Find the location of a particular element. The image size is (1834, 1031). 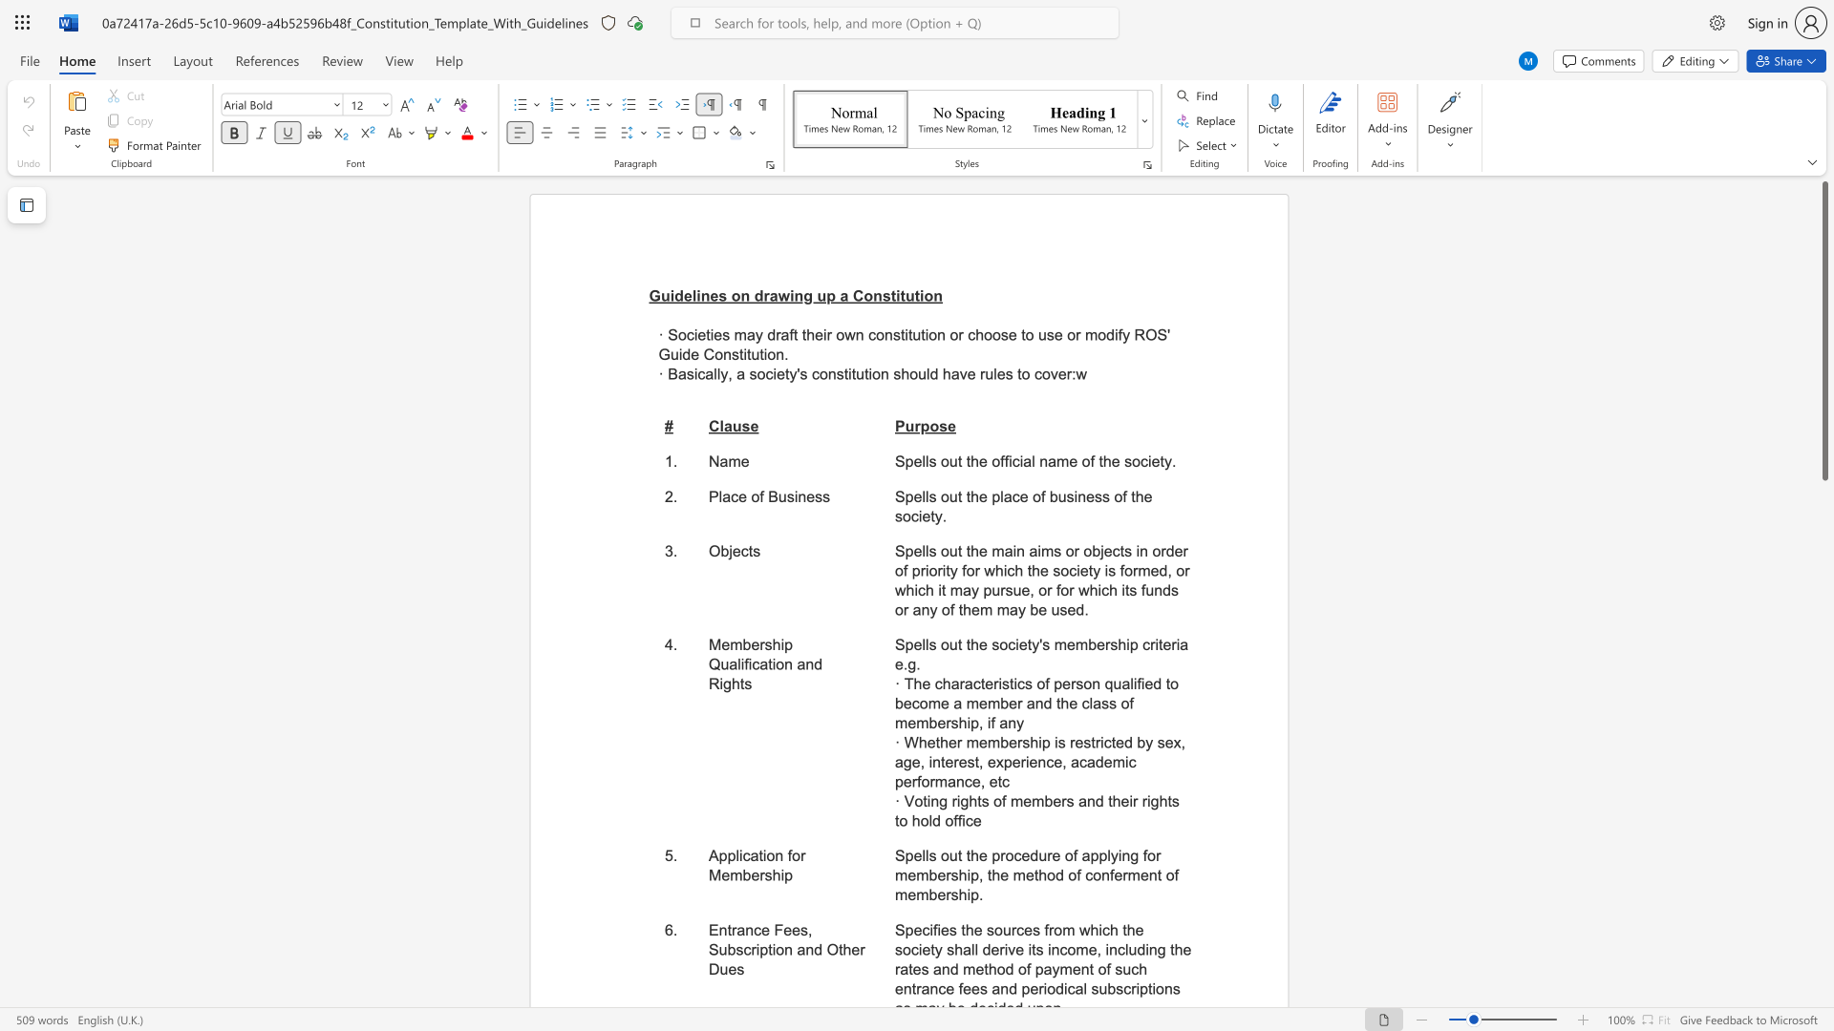

the scrollbar to move the content lower is located at coordinates (1823, 580).